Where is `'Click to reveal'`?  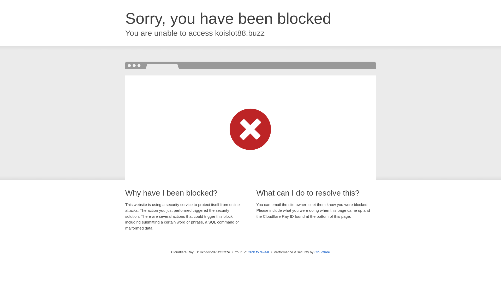
'Click to reveal' is located at coordinates (258, 252).